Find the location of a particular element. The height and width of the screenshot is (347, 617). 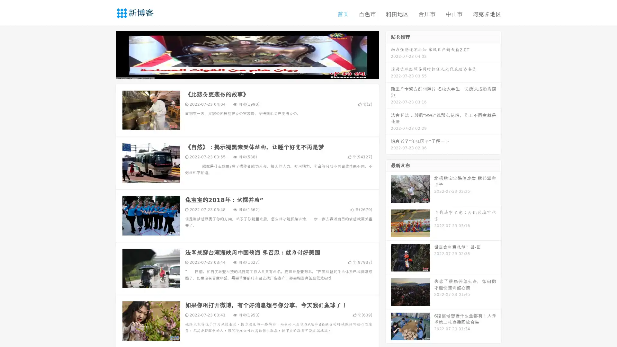

Go to slide 1 is located at coordinates (240, 72).